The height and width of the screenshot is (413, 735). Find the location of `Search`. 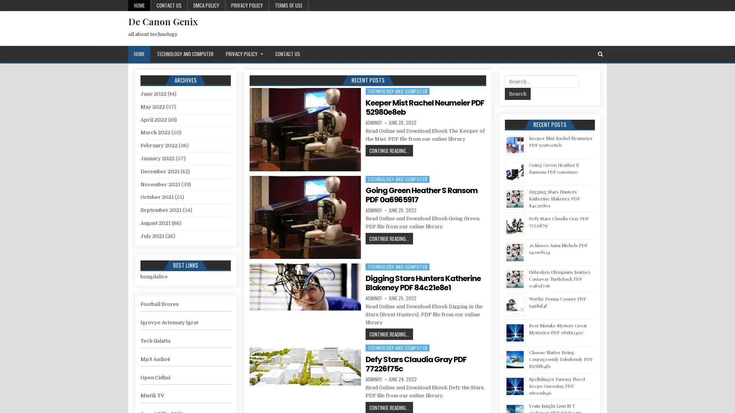

Search is located at coordinates (517, 93).